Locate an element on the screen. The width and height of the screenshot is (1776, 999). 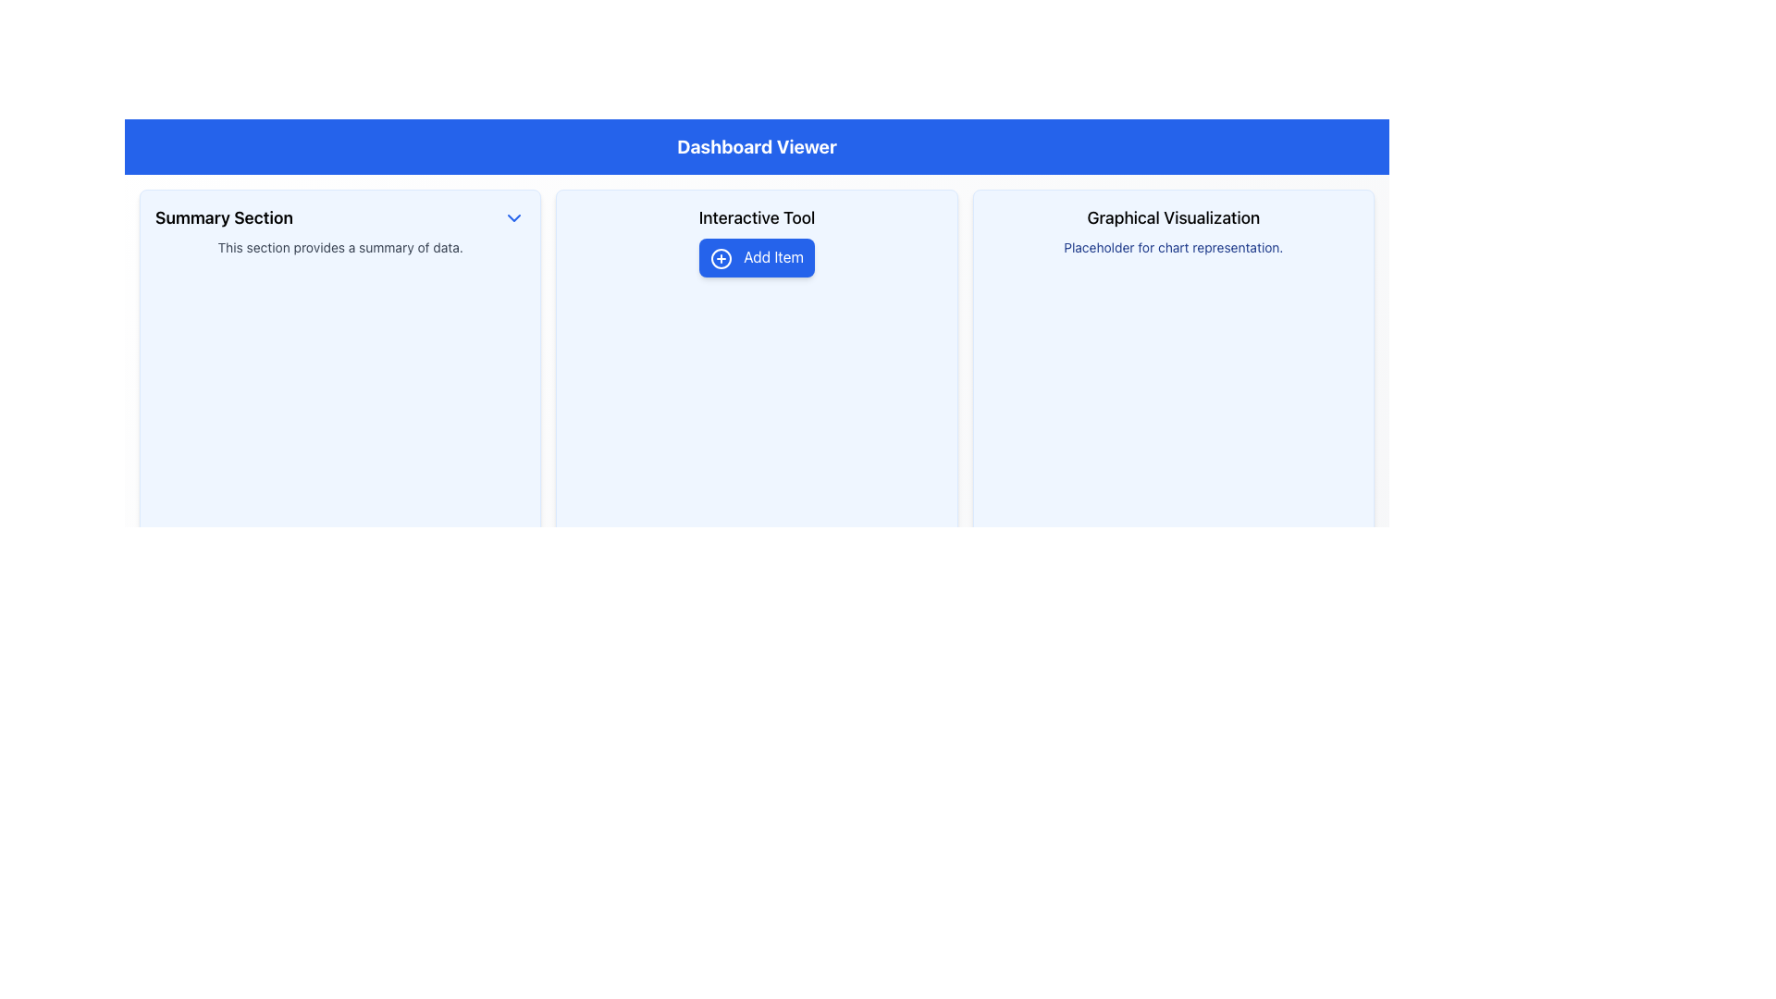
the header label of the dashboard interface, which serves as the title for the overall content layout is located at coordinates (757, 145).